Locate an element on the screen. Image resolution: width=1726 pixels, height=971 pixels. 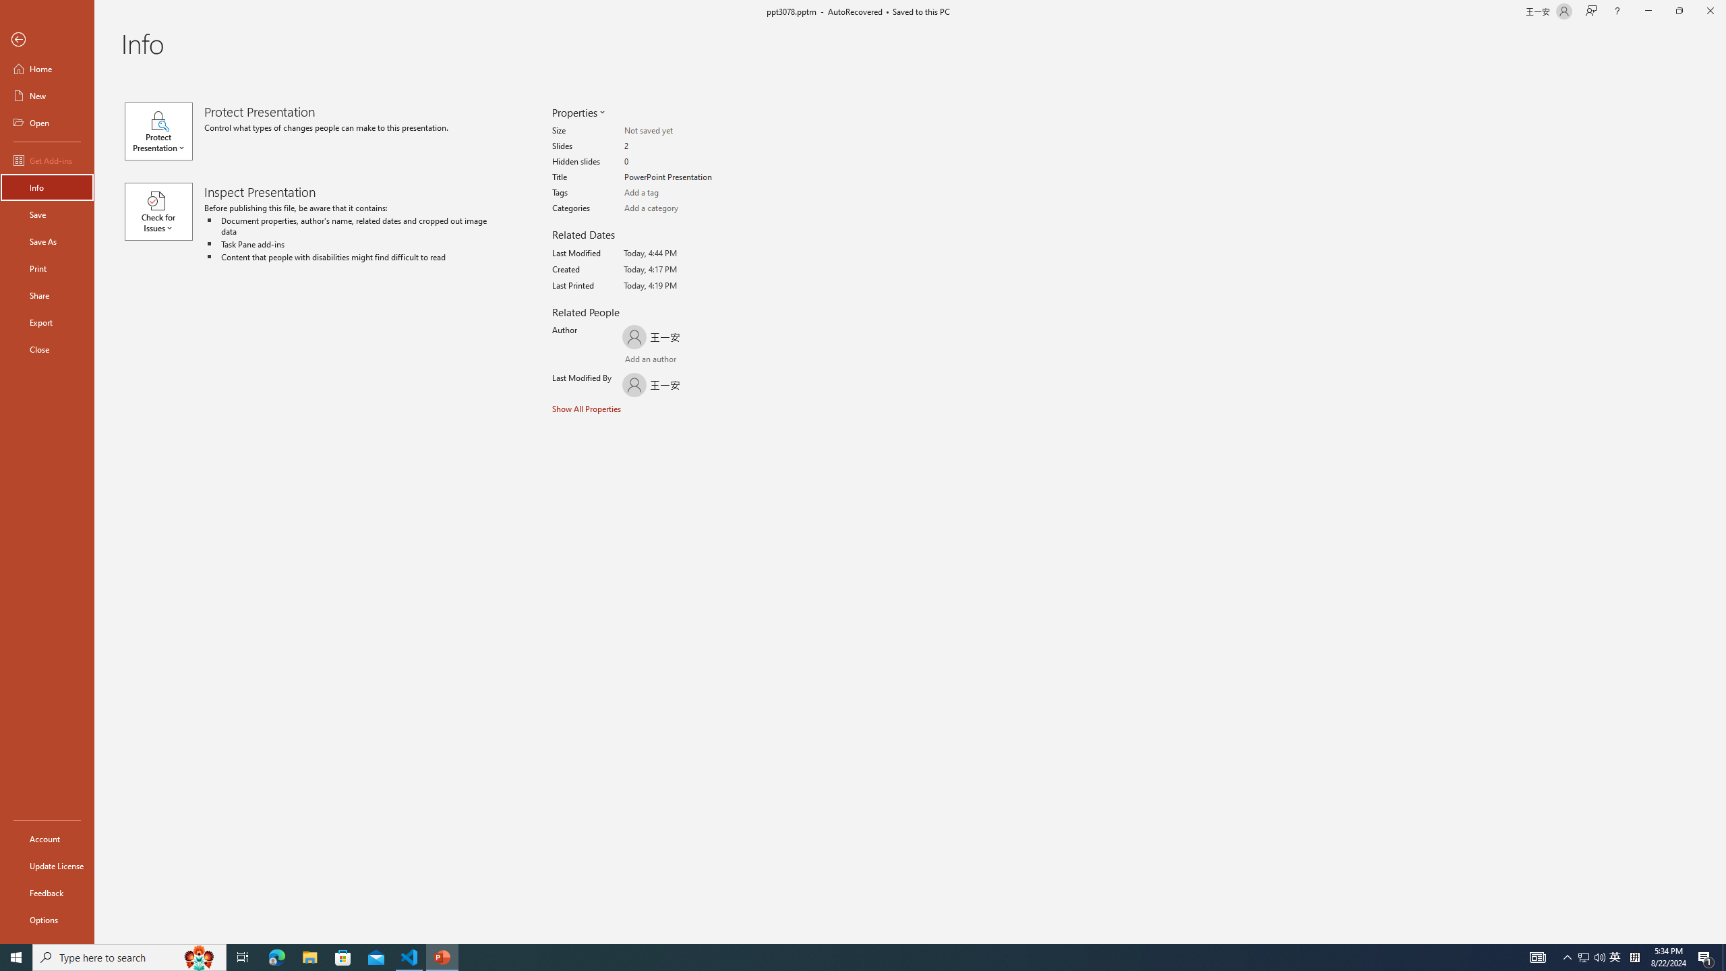
'Title' is located at coordinates (676, 177).